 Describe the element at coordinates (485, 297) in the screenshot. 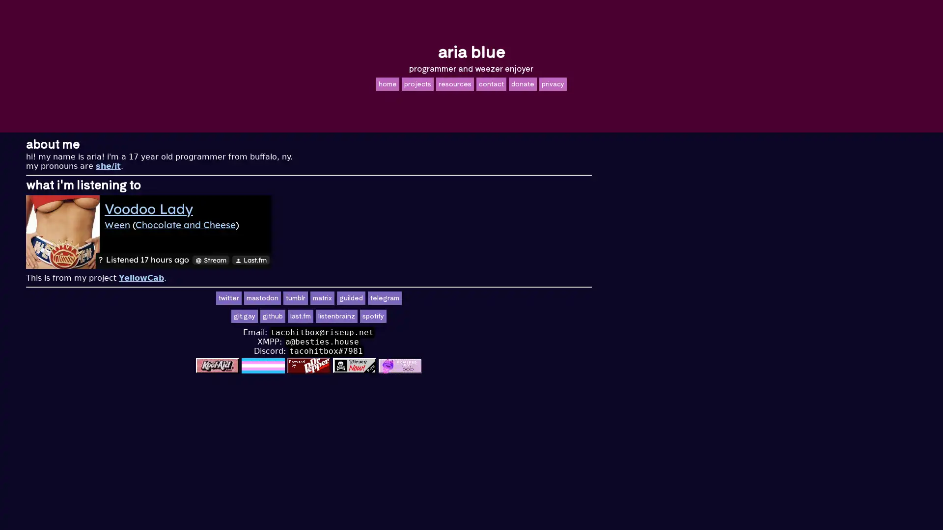

I see `matrix` at that location.